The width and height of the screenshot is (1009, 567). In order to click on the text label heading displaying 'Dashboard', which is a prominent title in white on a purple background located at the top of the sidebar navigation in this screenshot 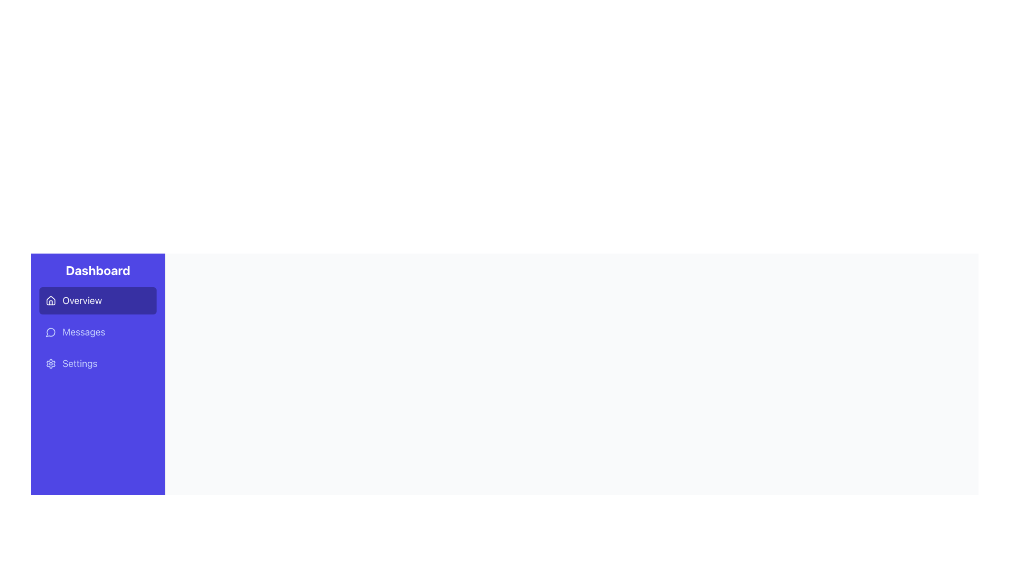, I will do `click(98, 270)`.